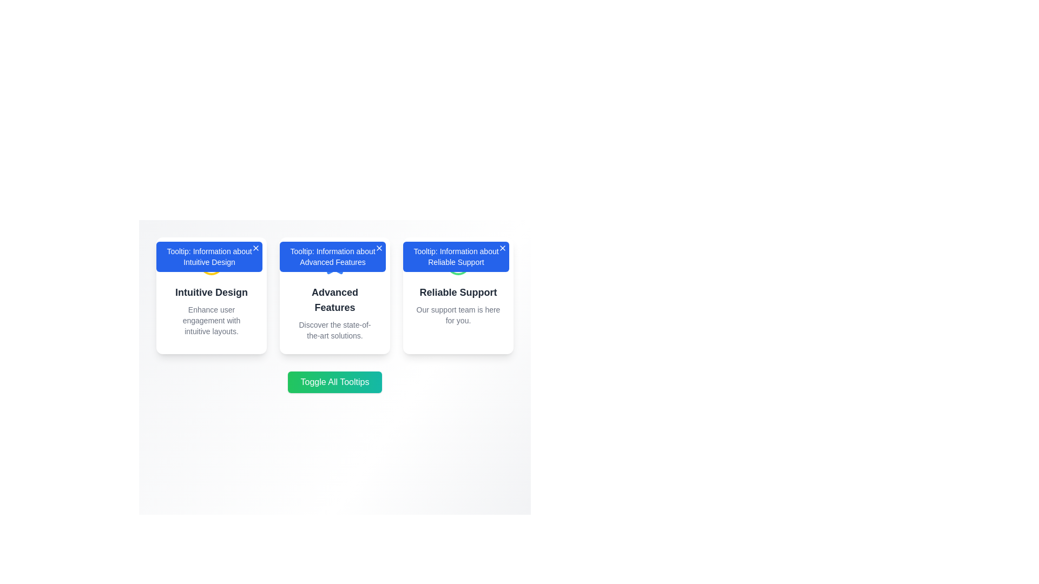 The width and height of the screenshot is (1039, 584). Describe the element at coordinates (502, 248) in the screenshot. I see `the close button located at the top-right corner of the tooltip labeled 'Tooltip: Information about Reliable Support' to observe the color change` at that location.